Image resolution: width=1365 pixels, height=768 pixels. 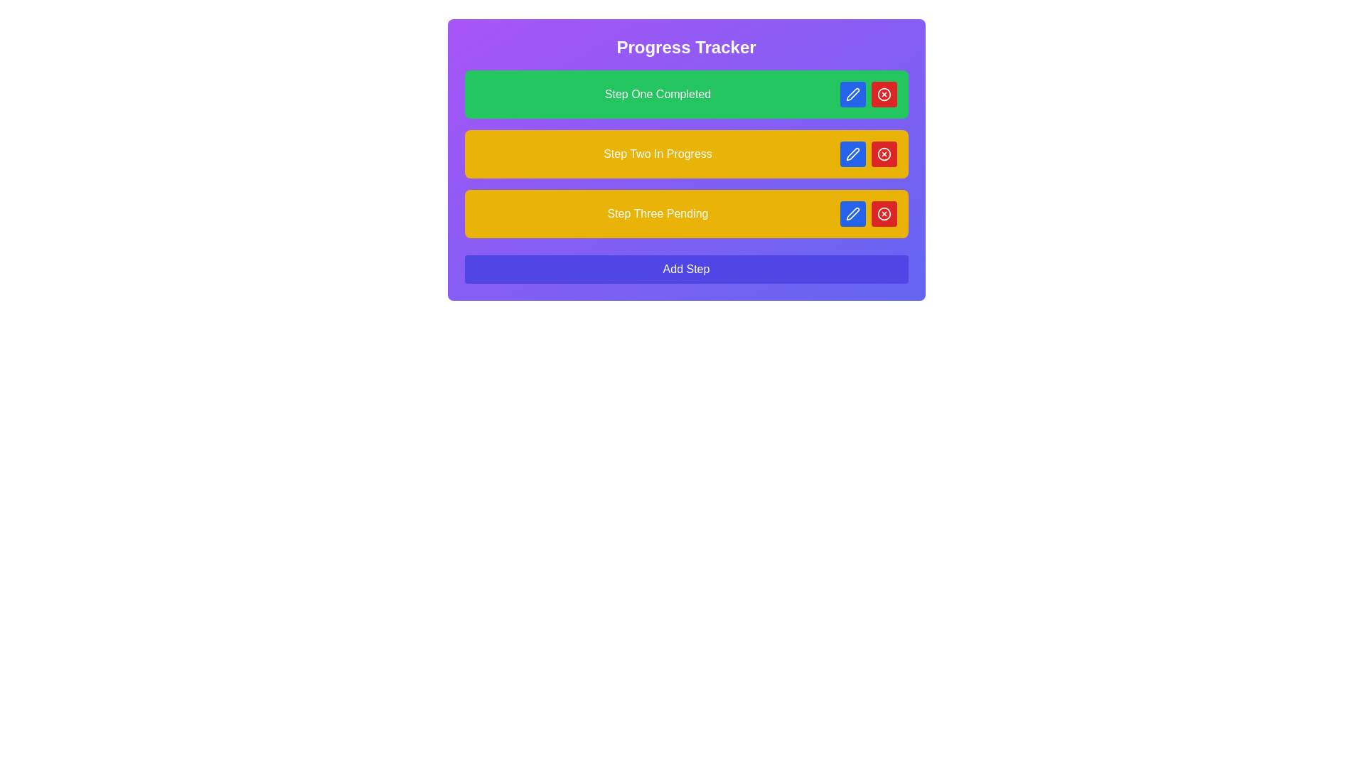 I want to click on the blue square button with a white pen icon located in the 'Step Three Pending' section of the progress tracker interface, so click(x=852, y=213).